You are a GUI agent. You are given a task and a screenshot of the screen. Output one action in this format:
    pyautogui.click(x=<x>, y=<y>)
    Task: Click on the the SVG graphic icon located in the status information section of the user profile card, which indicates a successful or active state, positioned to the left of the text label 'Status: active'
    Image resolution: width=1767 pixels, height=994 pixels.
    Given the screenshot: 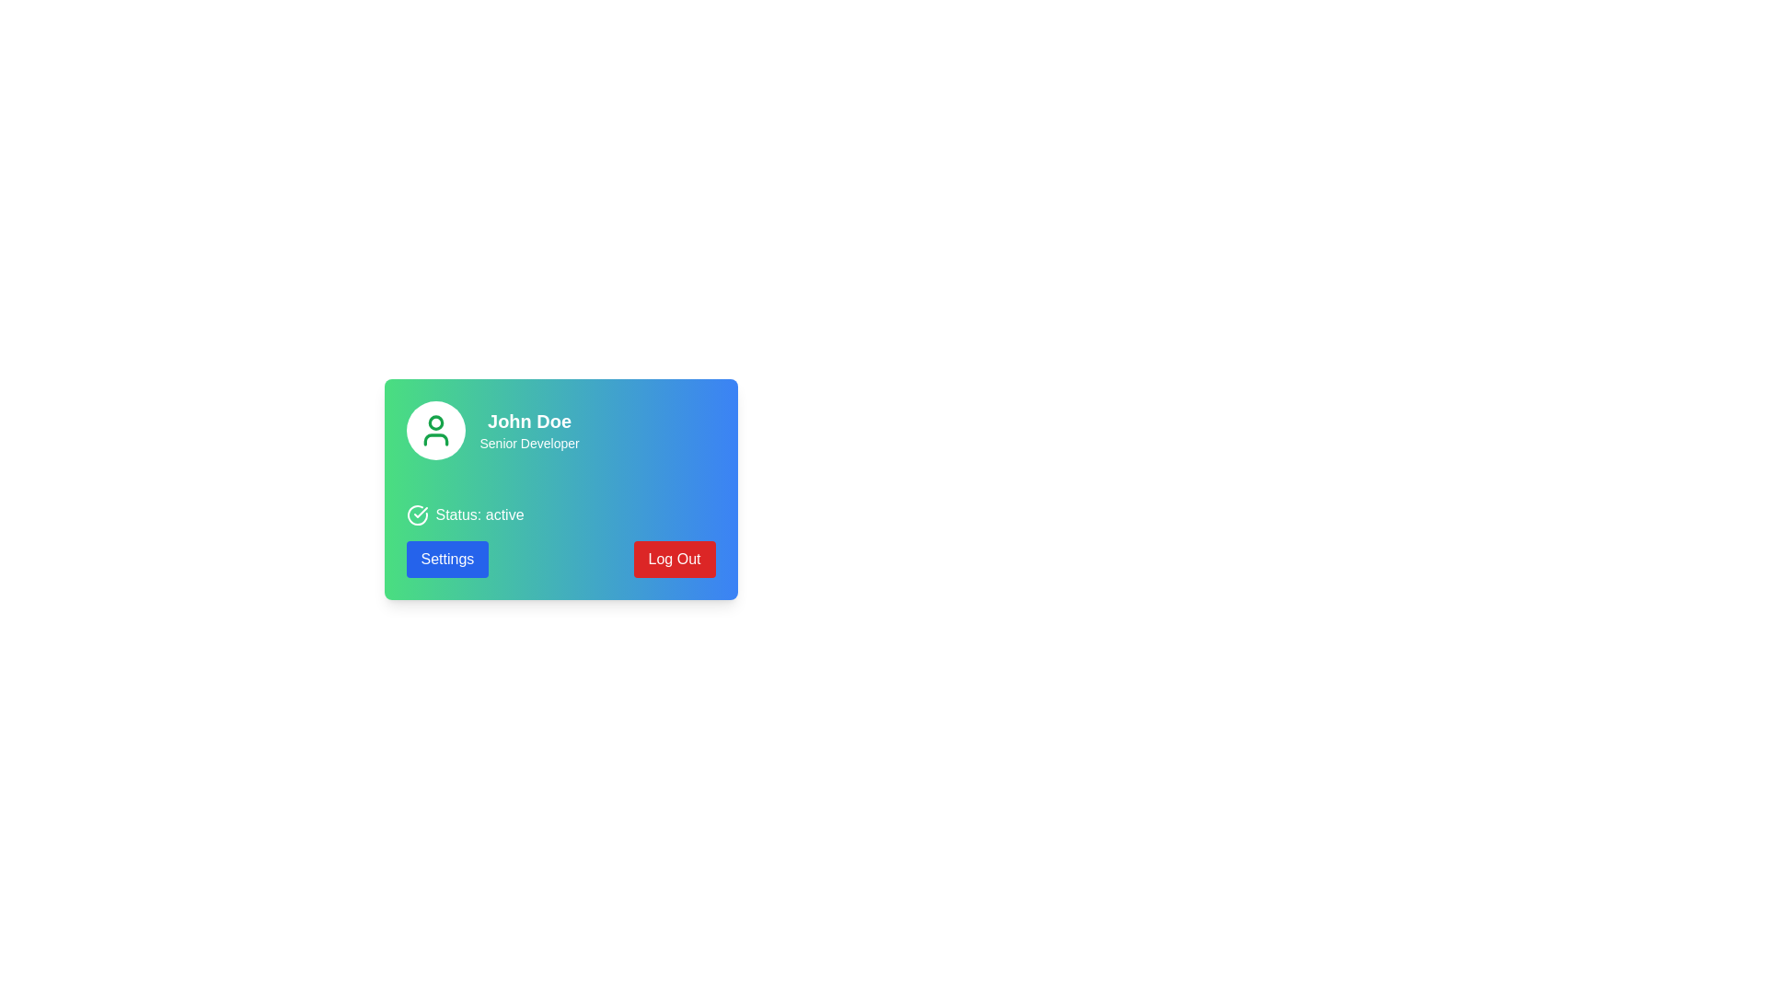 What is the action you would take?
    pyautogui.click(x=416, y=514)
    